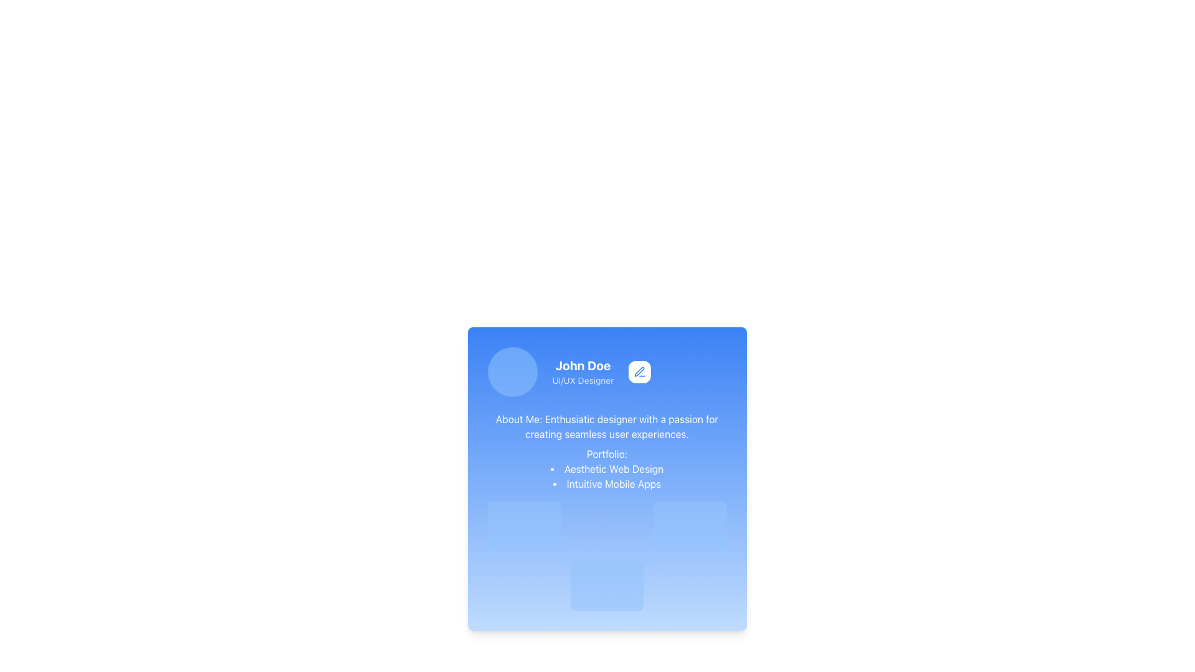 The height and width of the screenshot is (672, 1195). What do you see at coordinates (512, 371) in the screenshot?
I see `the Image Placeholder, which serves as a visual representation for a user profile picture` at bounding box center [512, 371].